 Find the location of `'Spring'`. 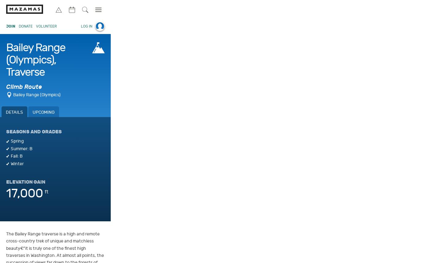

'Spring' is located at coordinates (17, 141).